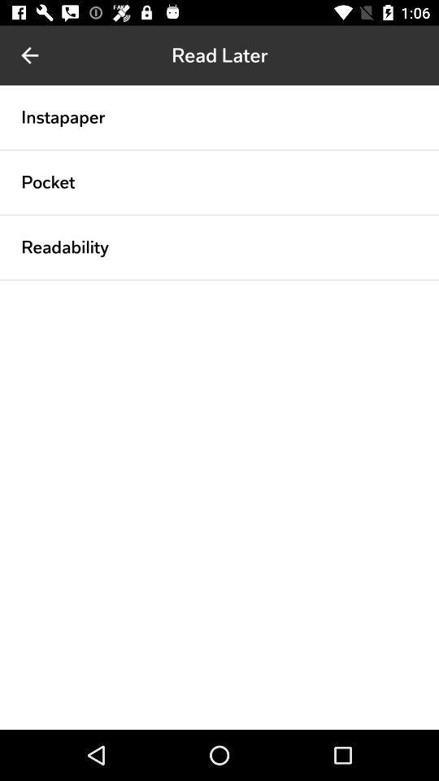 The height and width of the screenshot is (781, 439). What do you see at coordinates (29, 55) in the screenshot?
I see `the item to the left of read later` at bounding box center [29, 55].